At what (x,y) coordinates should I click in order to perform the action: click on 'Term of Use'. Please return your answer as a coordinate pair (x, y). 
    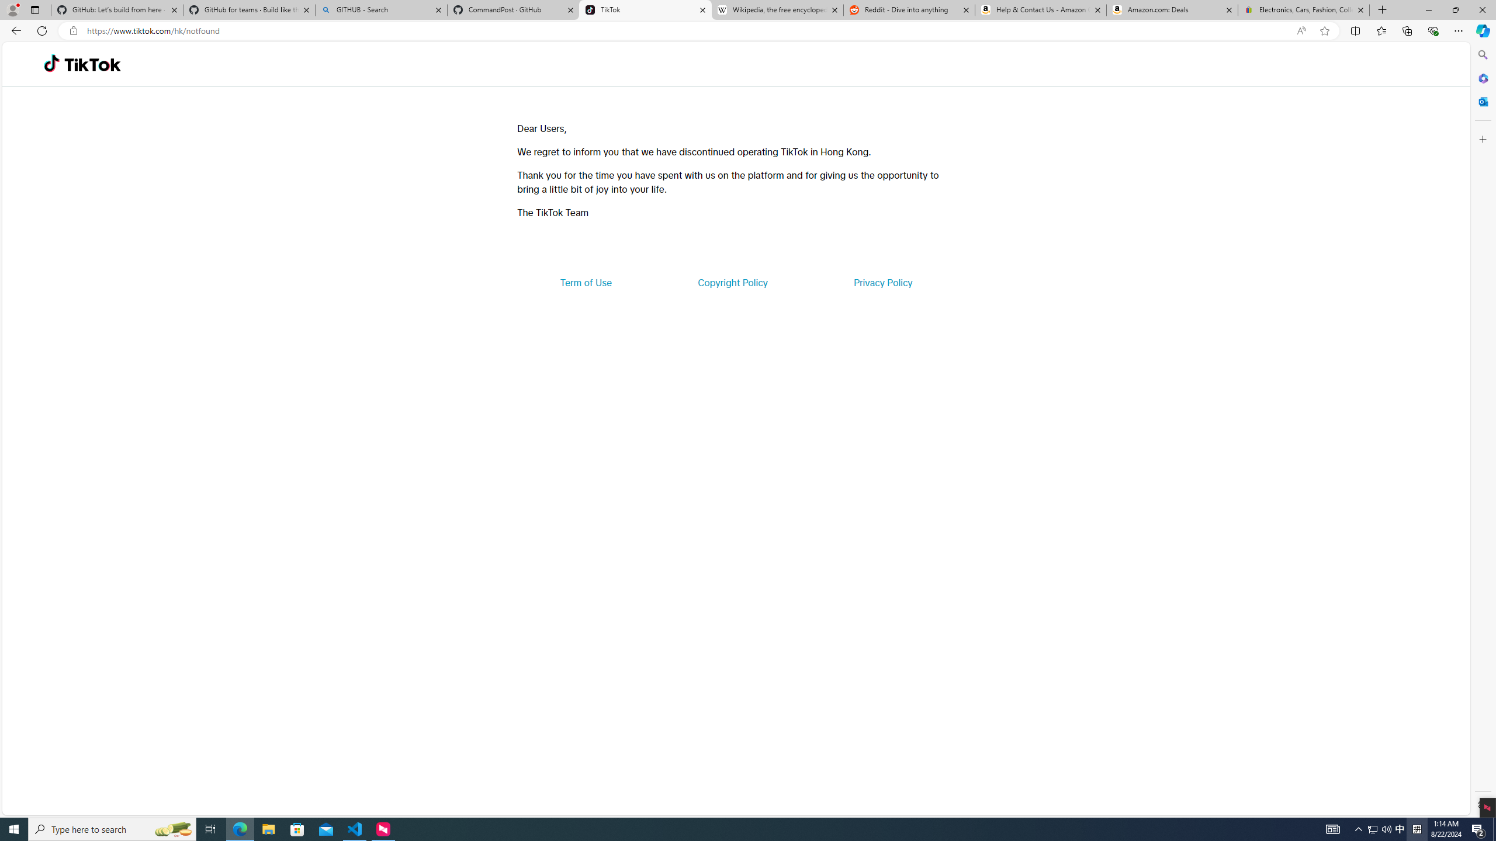
    Looking at the image, I should click on (586, 282).